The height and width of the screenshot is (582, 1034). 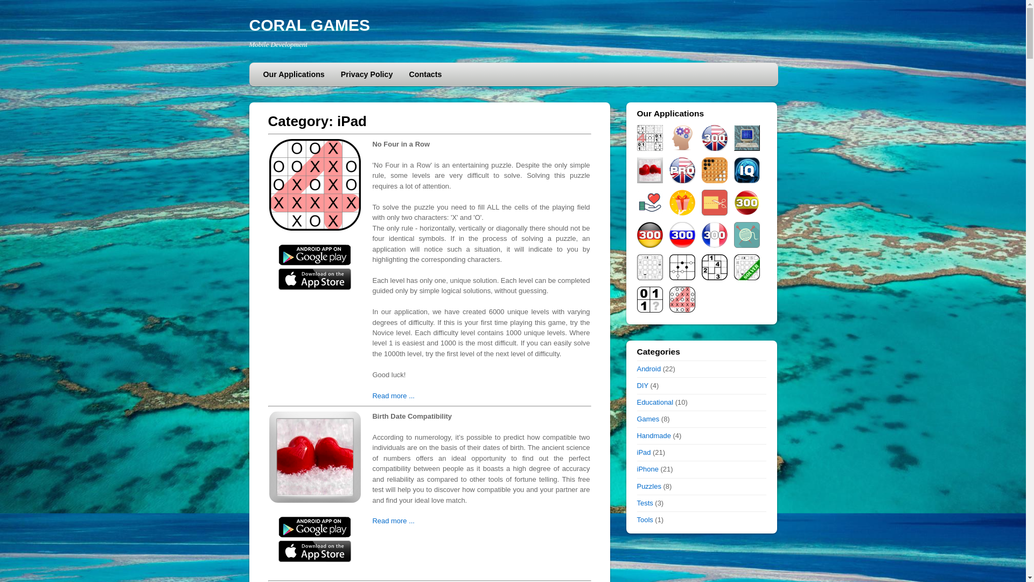 What do you see at coordinates (367, 74) in the screenshot?
I see `'Privacy Policy'` at bounding box center [367, 74].